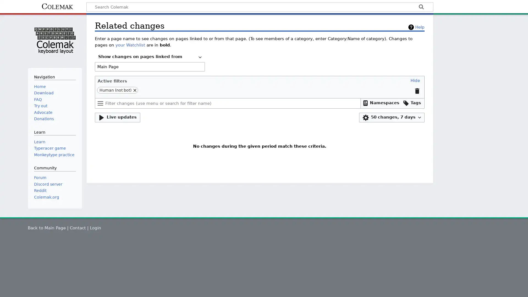 The width and height of the screenshot is (528, 297). I want to click on Live updates, so click(117, 117).